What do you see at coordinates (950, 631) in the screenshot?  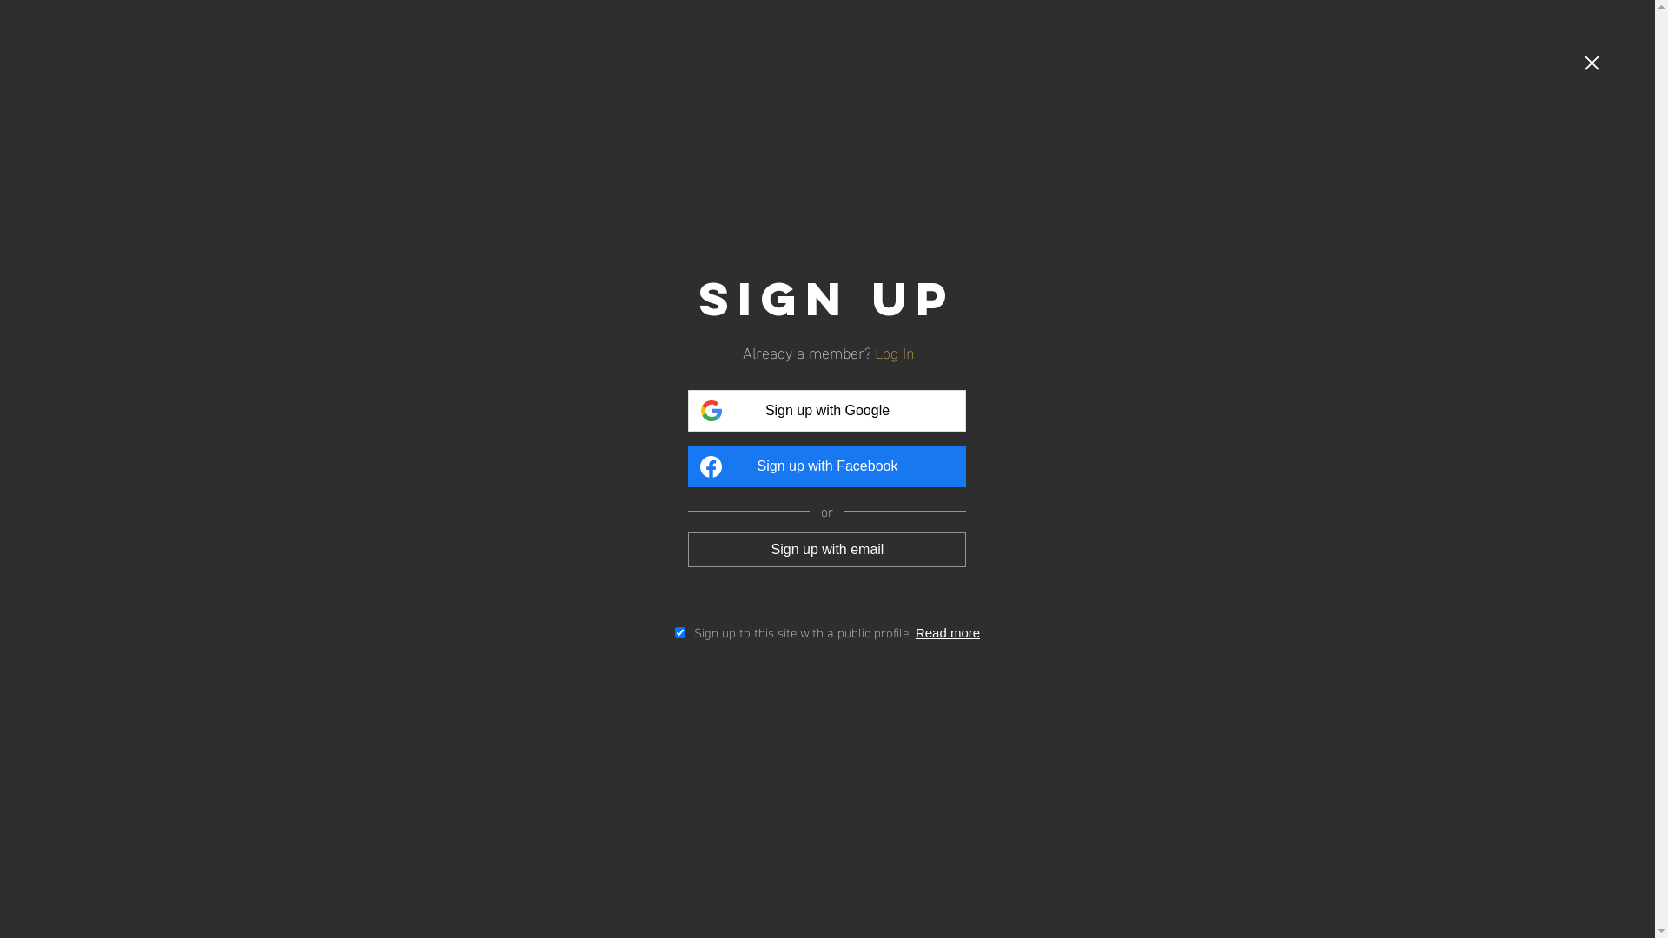 I see `'Read more'` at bounding box center [950, 631].